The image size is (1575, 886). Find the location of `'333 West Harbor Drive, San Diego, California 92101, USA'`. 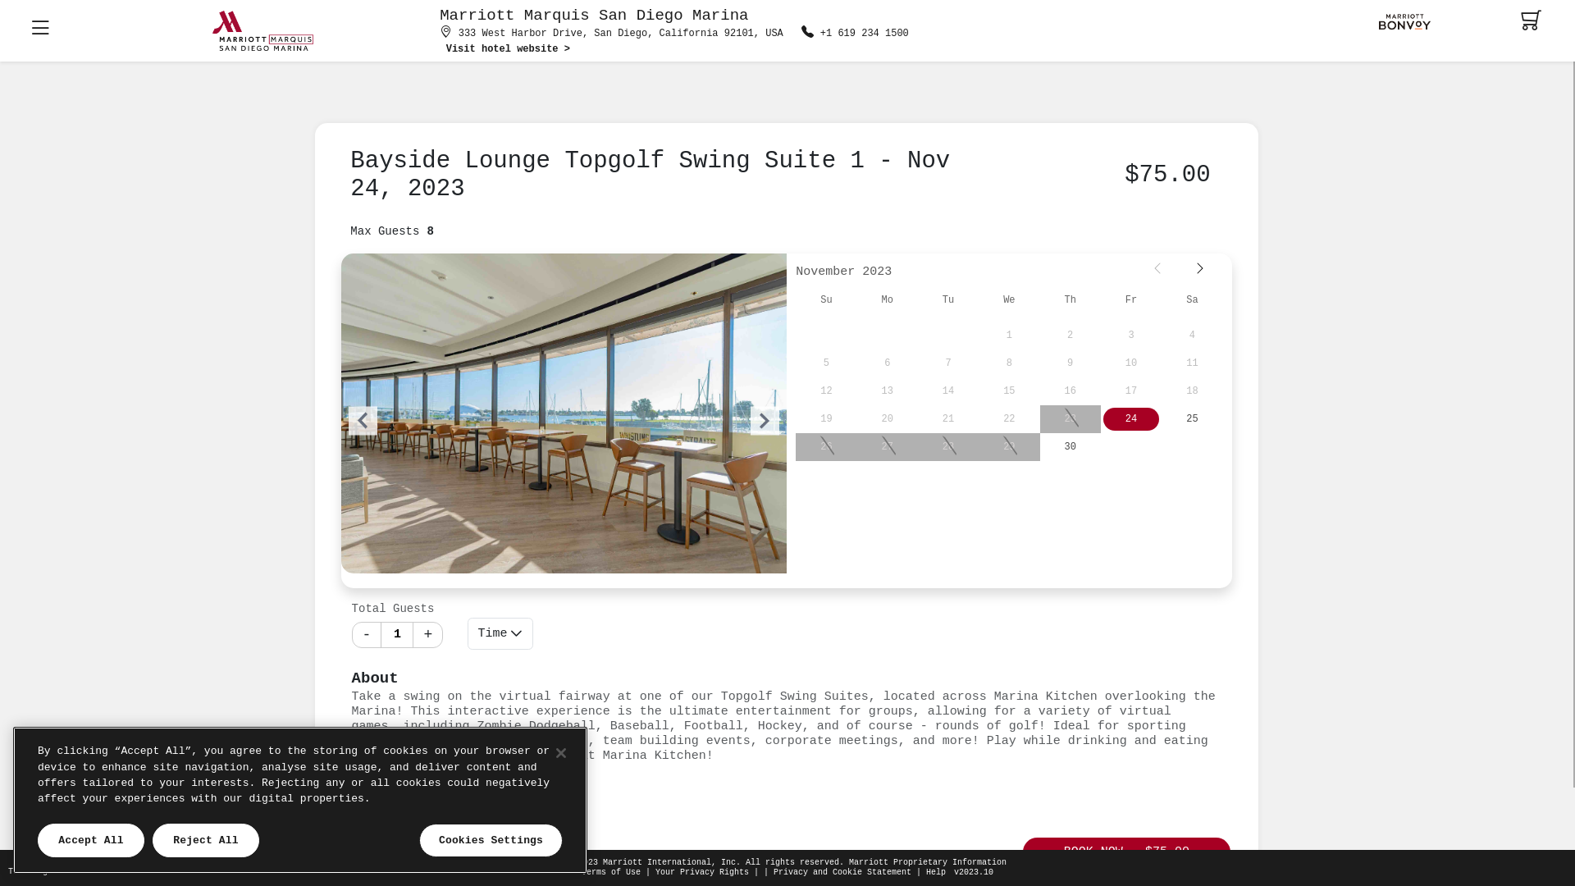

'333 West Harbor Drive, San Diego, California 92101, USA' is located at coordinates (619, 34).